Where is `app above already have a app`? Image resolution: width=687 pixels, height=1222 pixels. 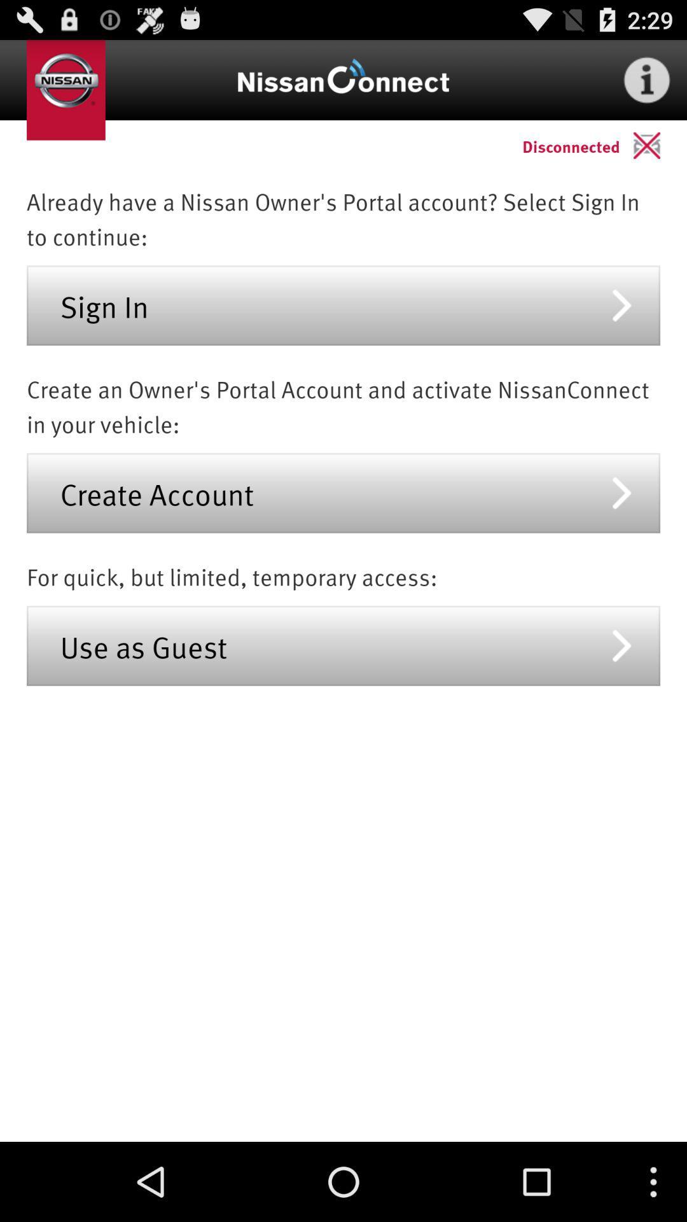
app above already have a app is located at coordinates (659, 145).